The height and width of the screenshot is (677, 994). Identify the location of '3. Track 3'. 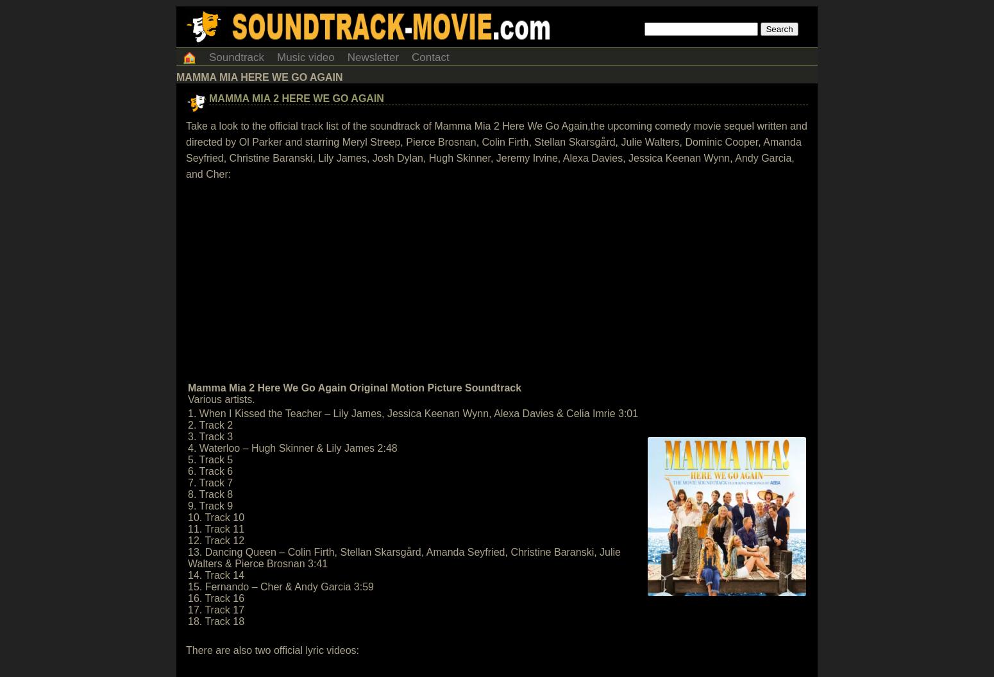
(209, 436).